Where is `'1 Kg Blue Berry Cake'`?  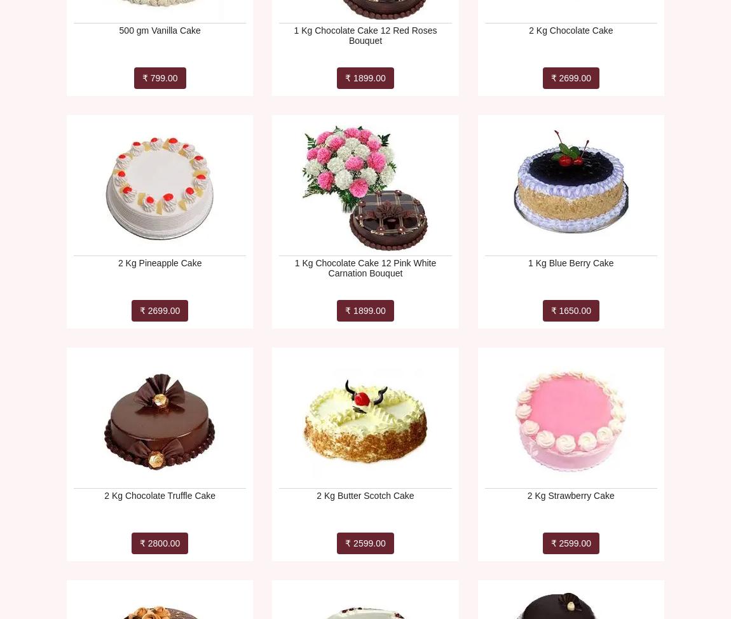 '1 Kg Blue Berry Cake' is located at coordinates (571, 262).